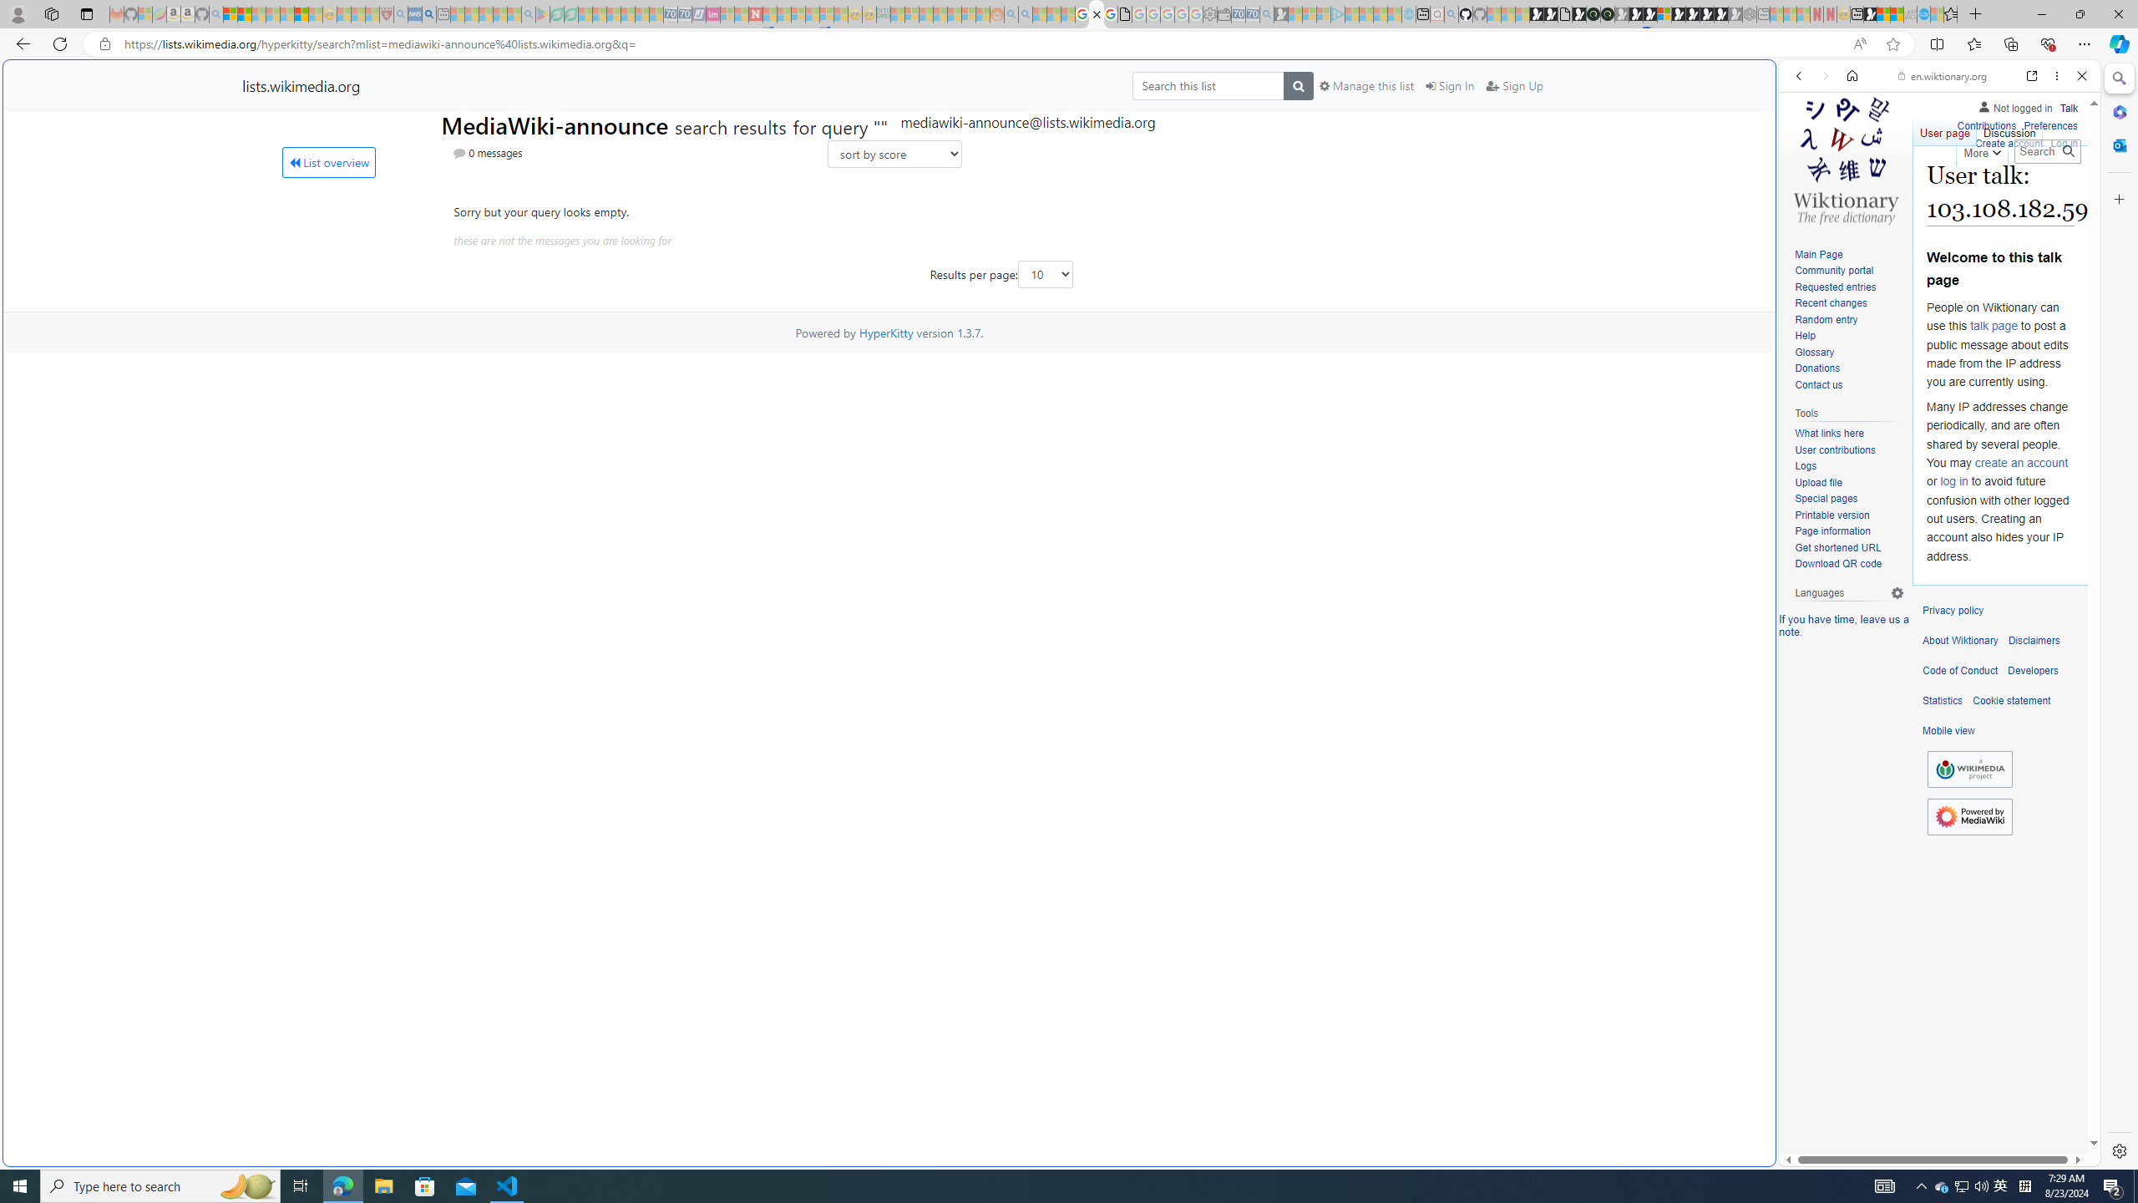  I want to click on 'Powered by MediaWiki', so click(1970, 816).